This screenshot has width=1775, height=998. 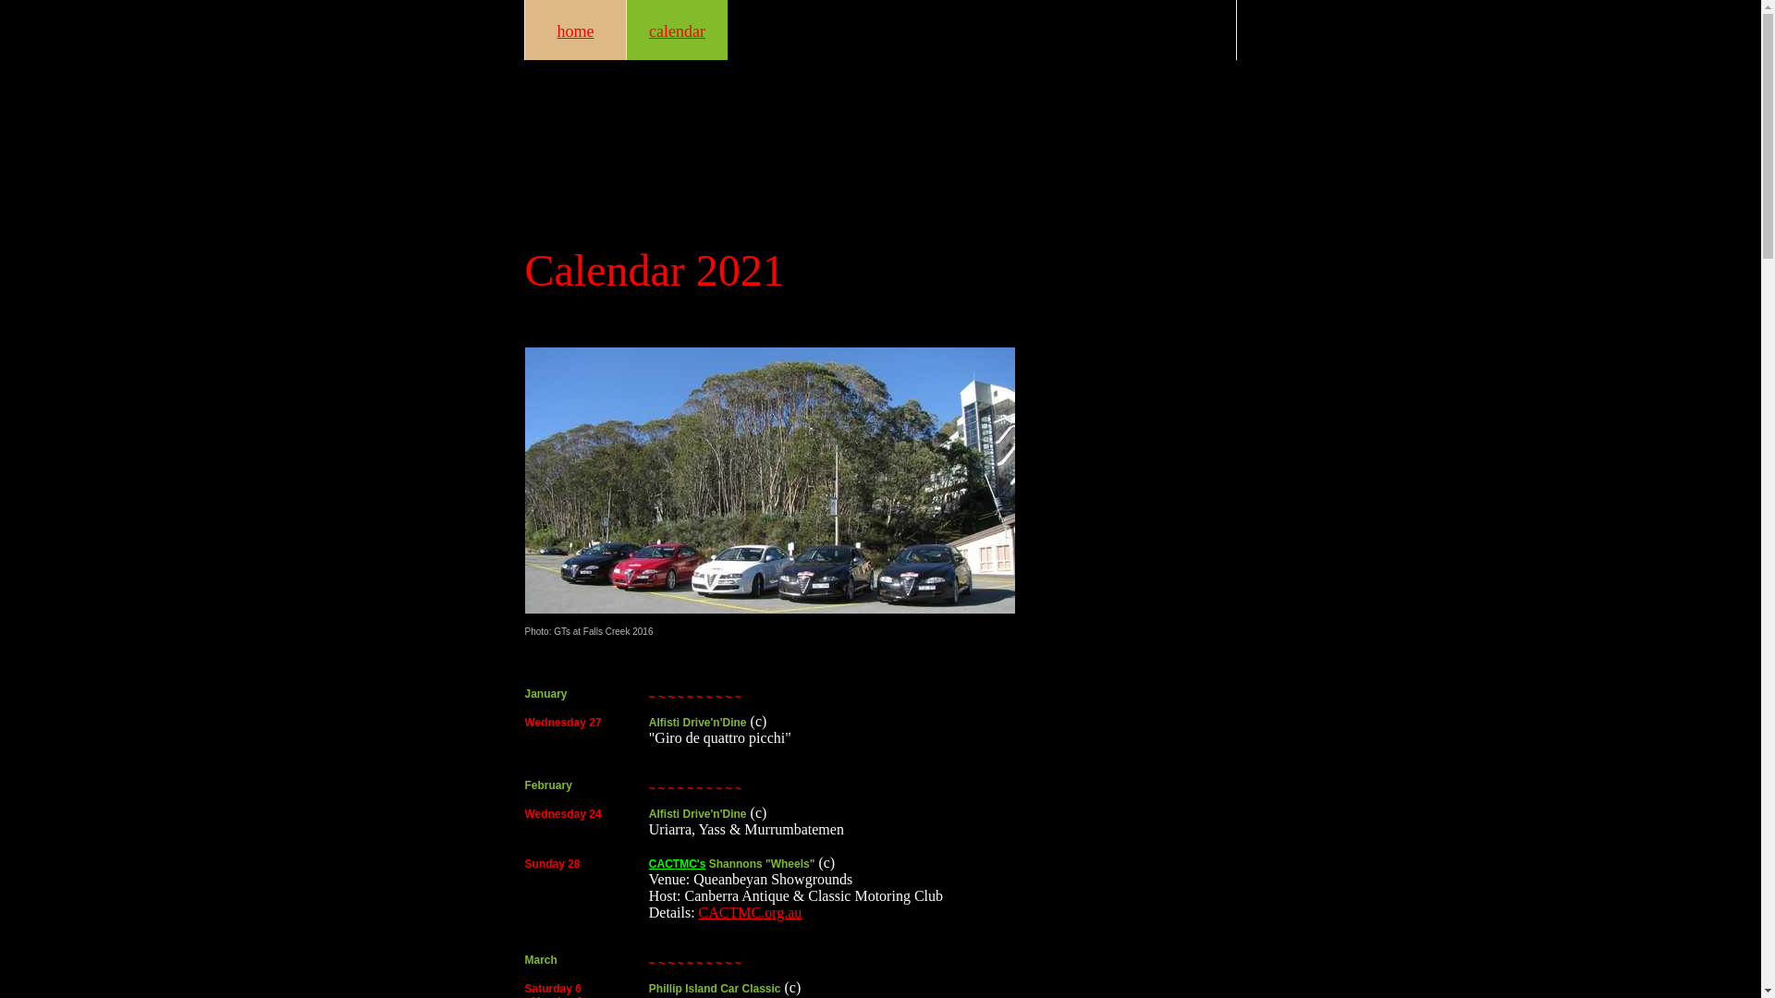 I want to click on 'calendar', so click(x=675, y=30).